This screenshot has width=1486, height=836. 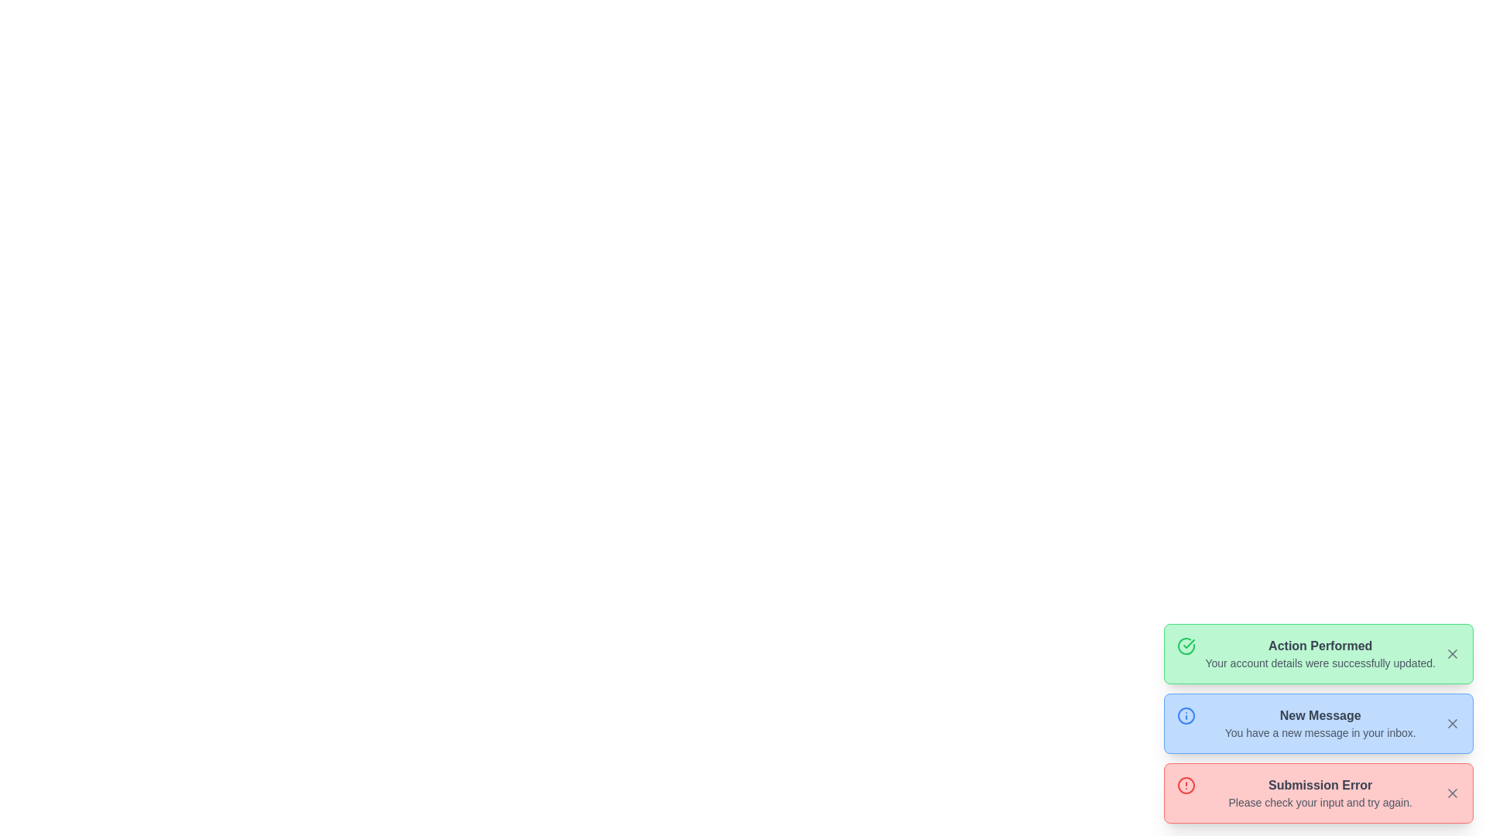 I want to click on the close button located at the top-right corner of the green notification box, so click(x=1451, y=653).